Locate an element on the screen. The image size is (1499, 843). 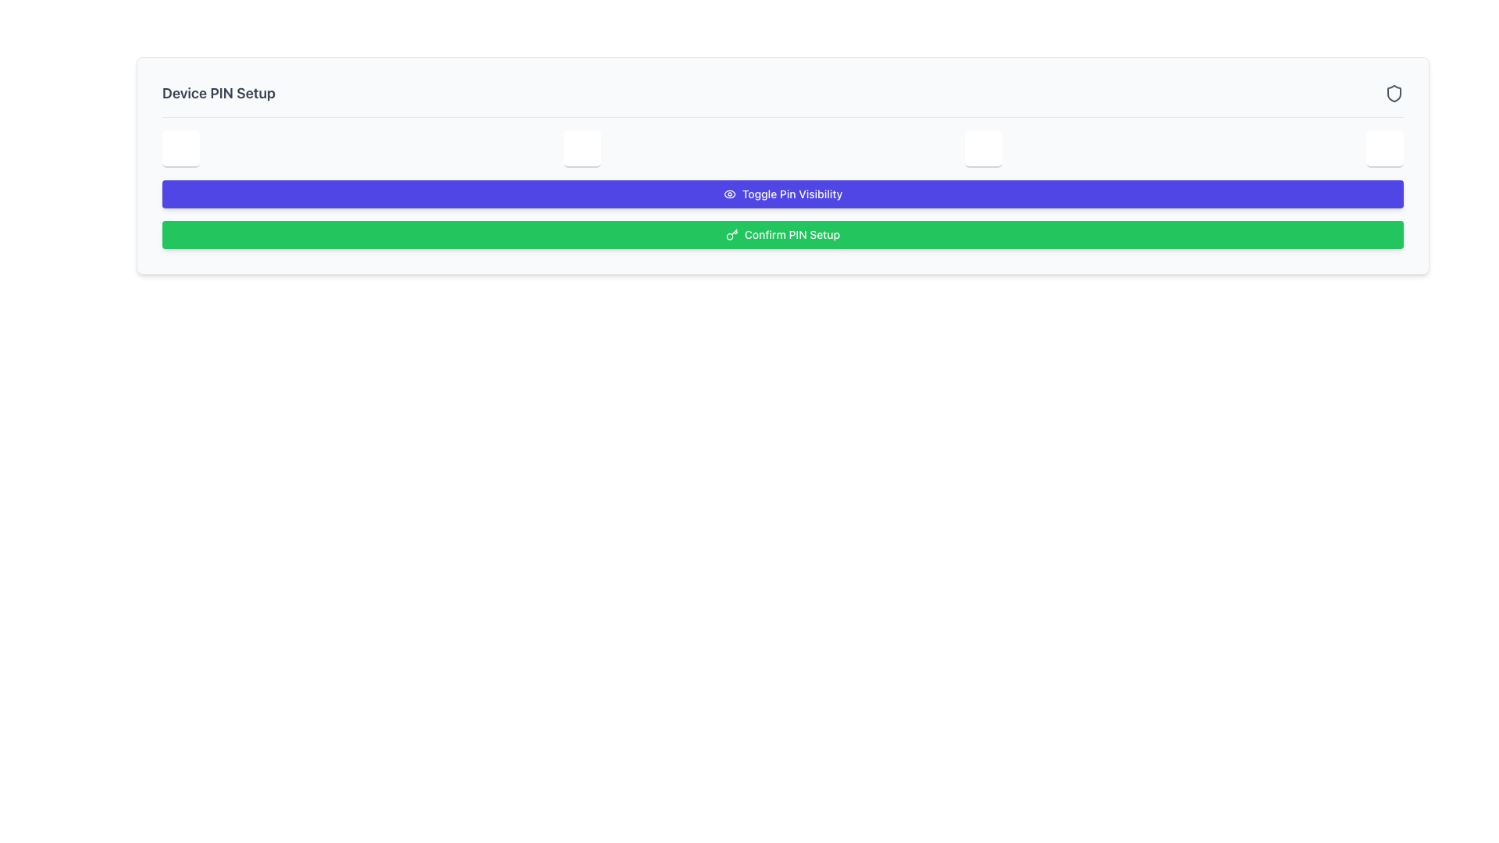
the eye-shaped icon is located at coordinates (728, 194).